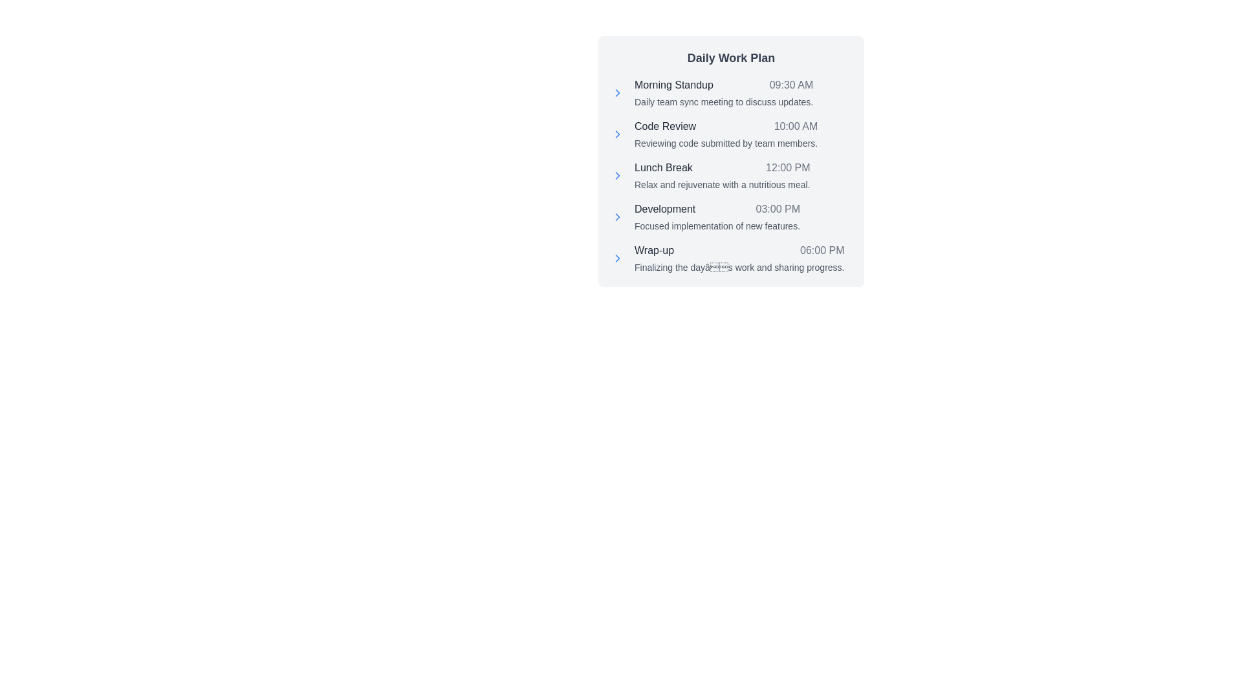 The image size is (1242, 698). I want to click on single line of gray text displayed below the 'Wrap-up' title and '06:00 PM' timestamp in the daily activities list, so click(739, 266).